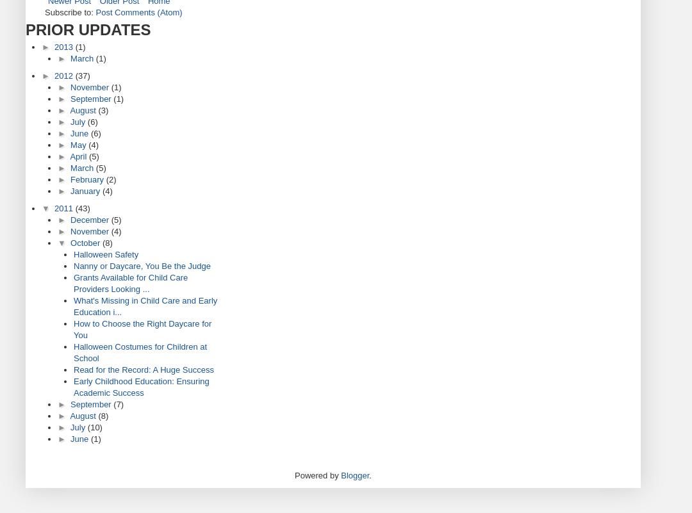 This screenshot has height=513, width=692. I want to click on '2013', so click(53, 47).